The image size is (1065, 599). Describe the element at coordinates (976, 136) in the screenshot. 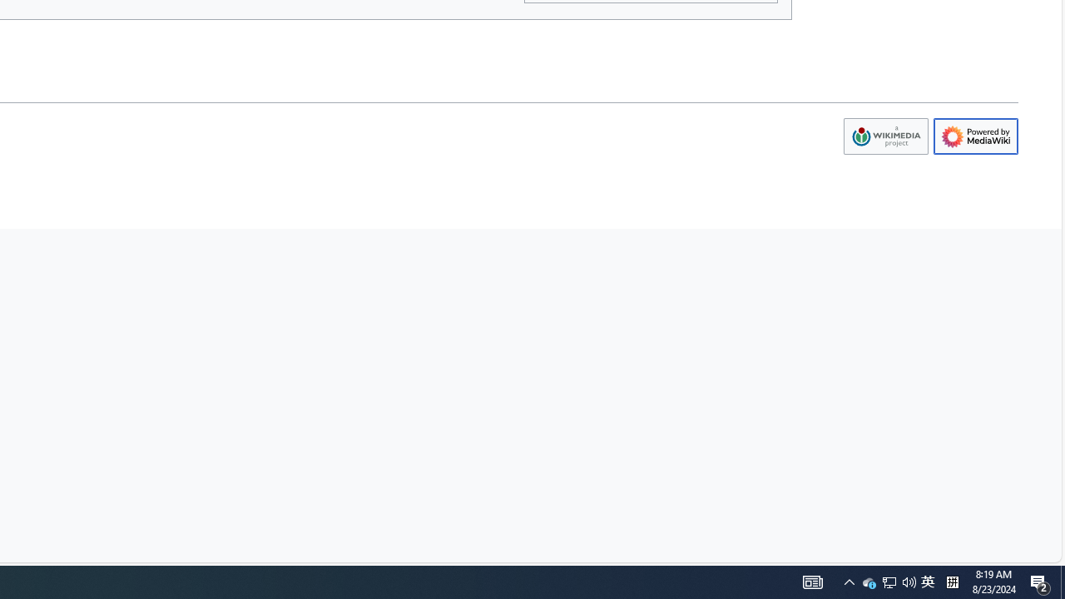

I see `'Powered by MediaWiki'` at that location.